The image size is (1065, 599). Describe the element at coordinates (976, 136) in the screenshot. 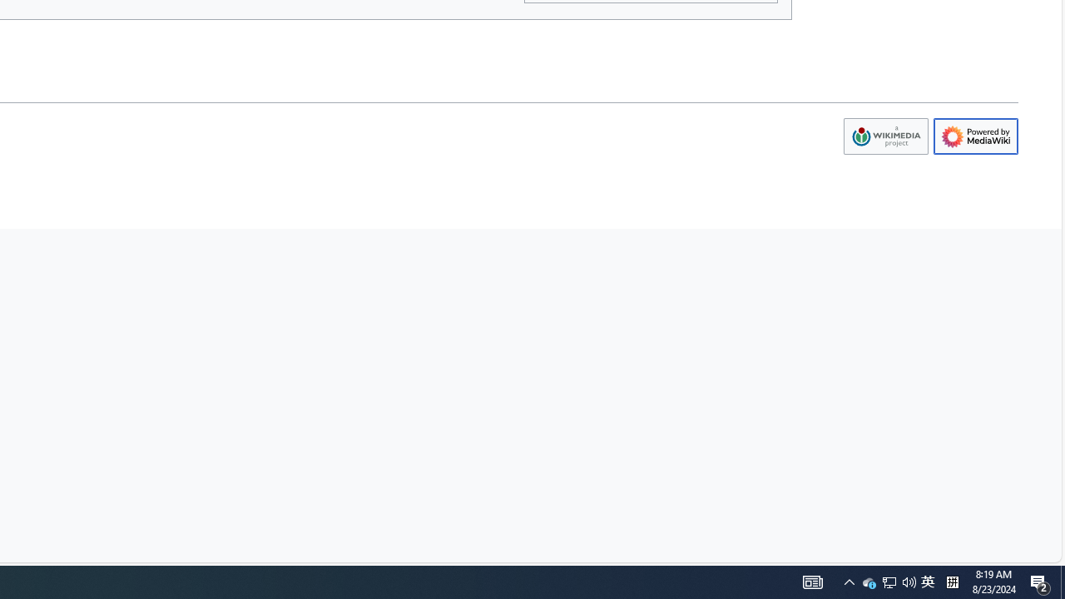

I see `'Powered by MediaWiki'` at that location.